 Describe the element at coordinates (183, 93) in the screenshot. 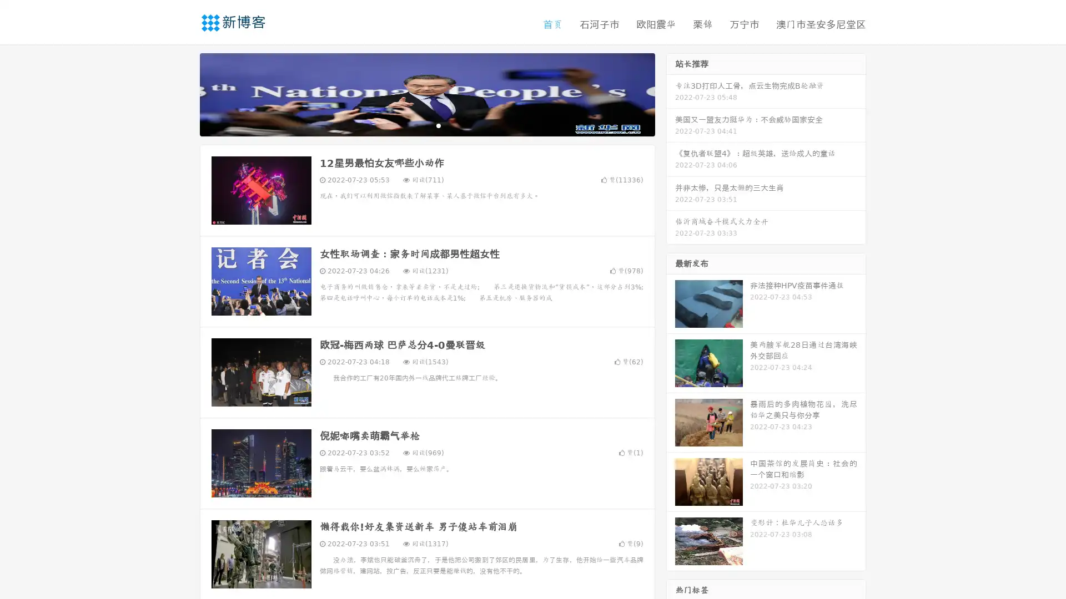

I see `Previous slide` at that location.